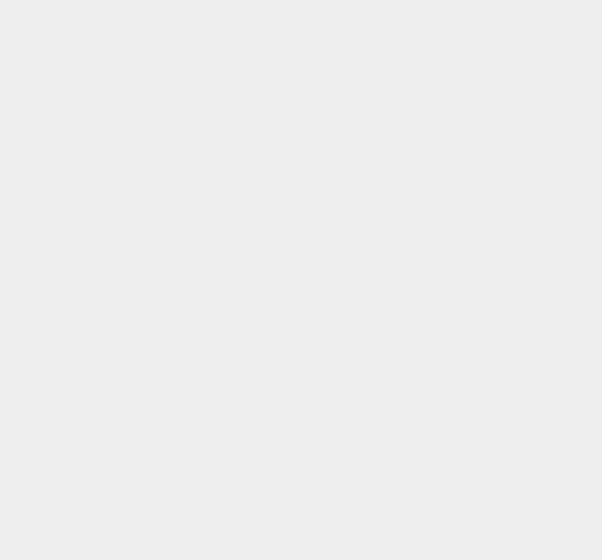 The height and width of the screenshot is (560, 602). Describe the element at coordinates (455, 533) in the screenshot. I see `'Lync Desk Phones'` at that location.